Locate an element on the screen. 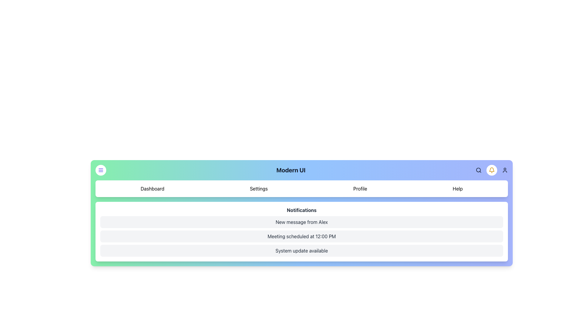 This screenshot has height=322, width=573. the Text Display Box displaying 'System update available', which is the third notification in the list under 'Notifications' is located at coordinates (302, 250).